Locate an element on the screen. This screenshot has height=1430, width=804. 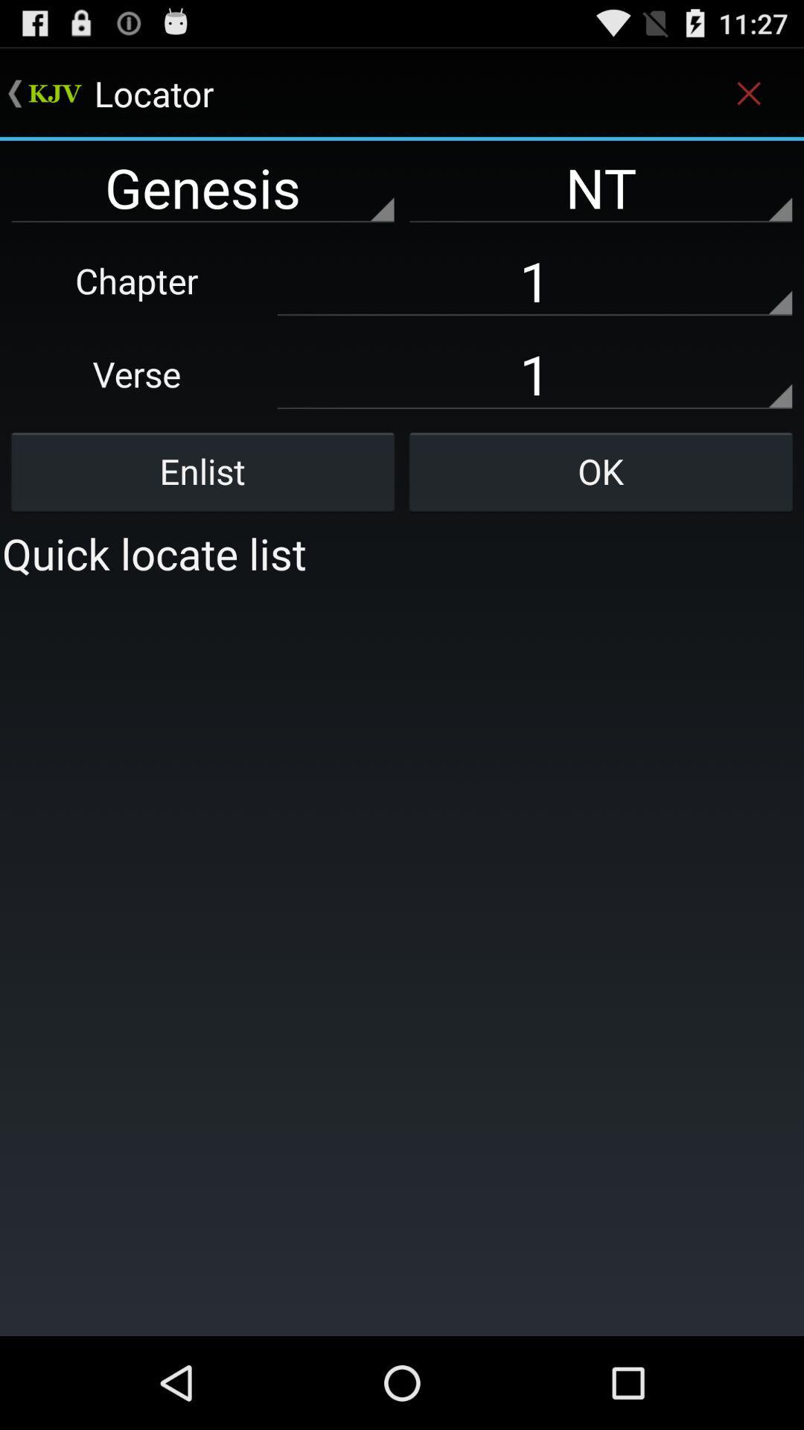
the app above the quick locate list icon is located at coordinates (600, 471).